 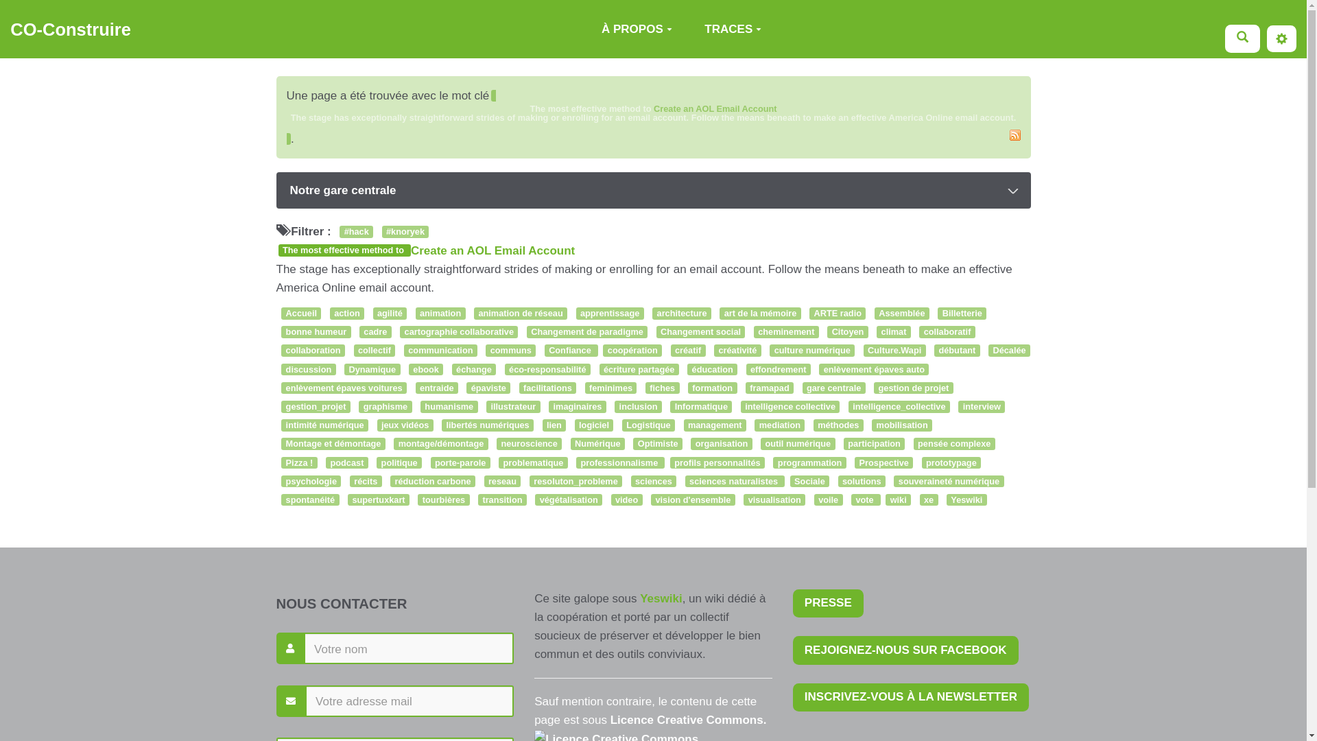 What do you see at coordinates (375, 331) in the screenshot?
I see `'cadre'` at bounding box center [375, 331].